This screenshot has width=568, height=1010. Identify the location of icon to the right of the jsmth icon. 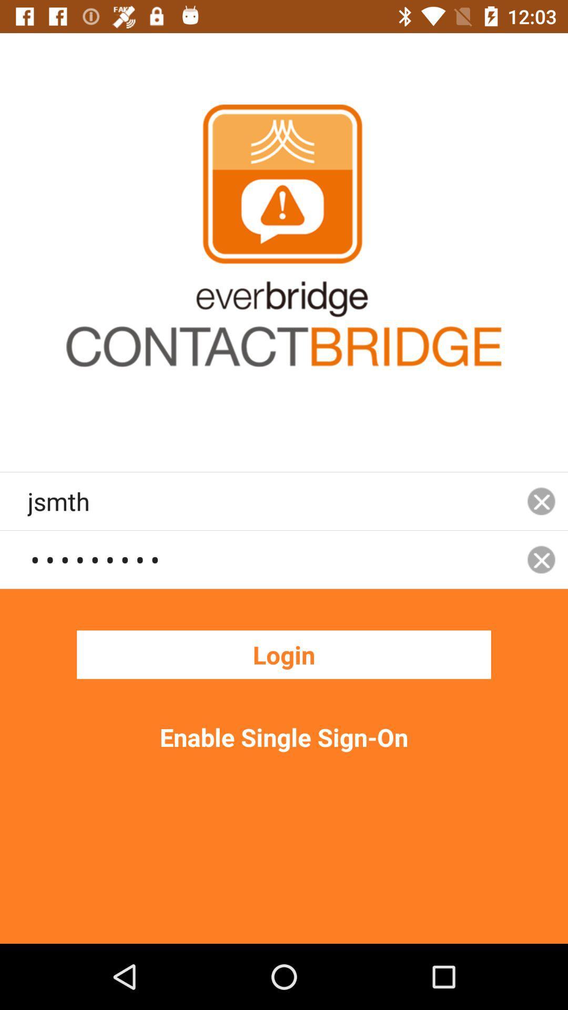
(541, 500).